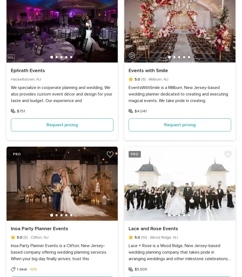 The height and width of the screenshot is (277, 242). Describe the element at coordinates (140, 111) in the screenshot. I see `'$4,041'` at that location.